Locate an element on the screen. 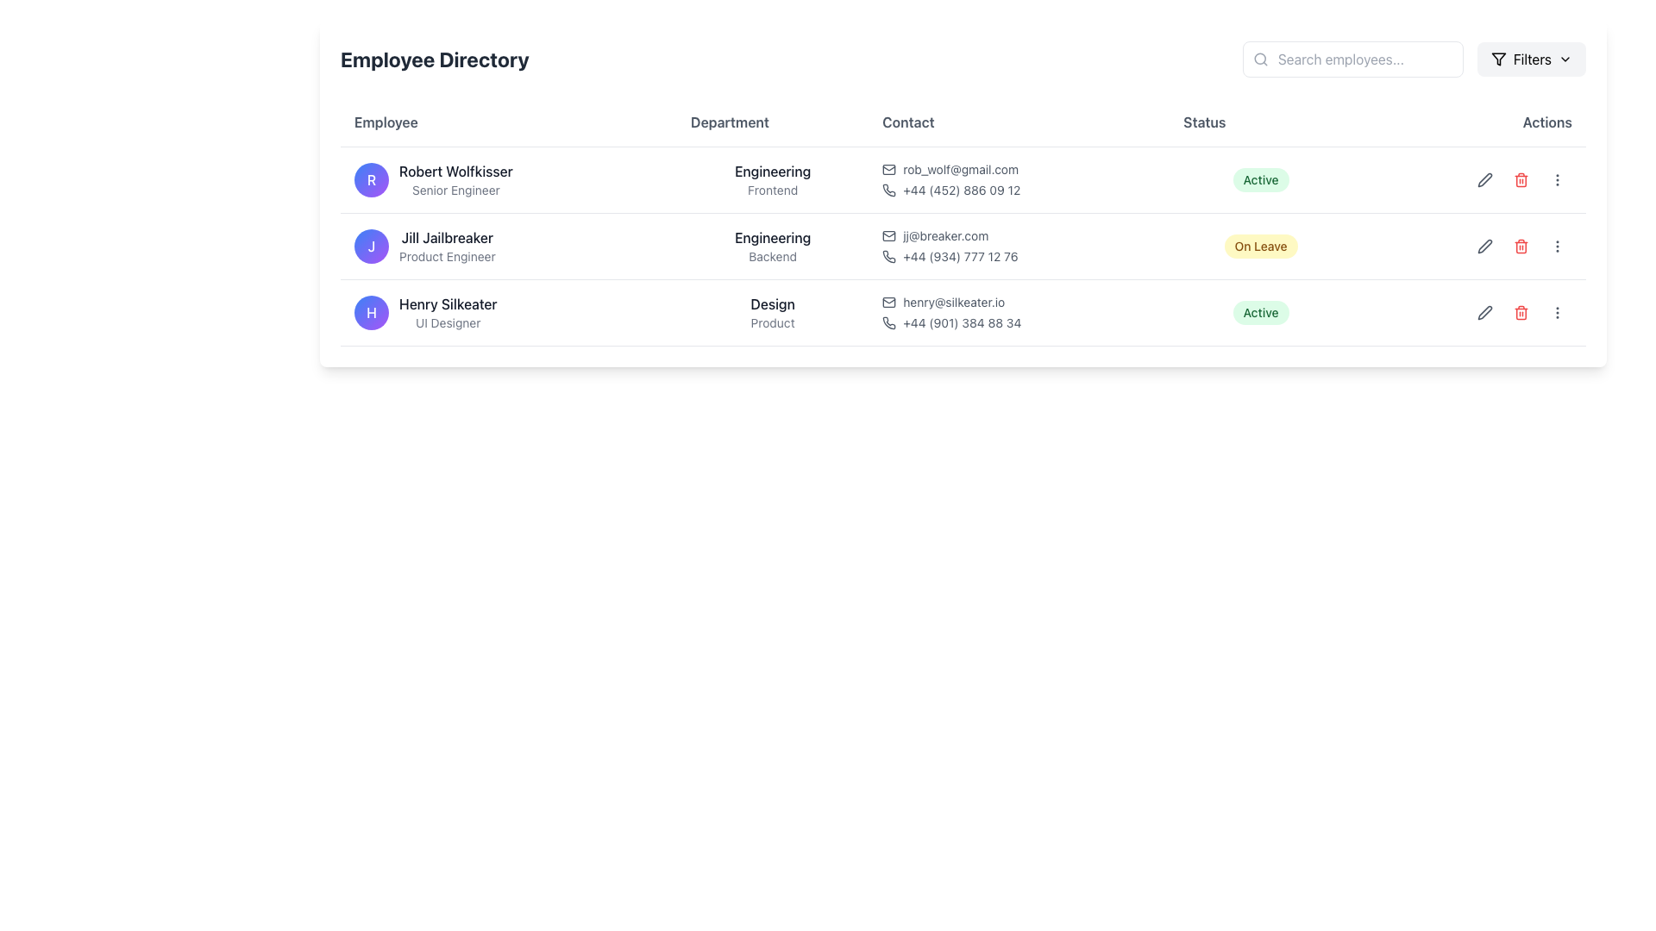 This screenshot has height=931, width=1656. phone number '+44 (934) 777 12 76' displayed in gray color, located in the contact information section of the second row associated with 'Jill Jailbreaker' is located at coordinates (1019, 256).